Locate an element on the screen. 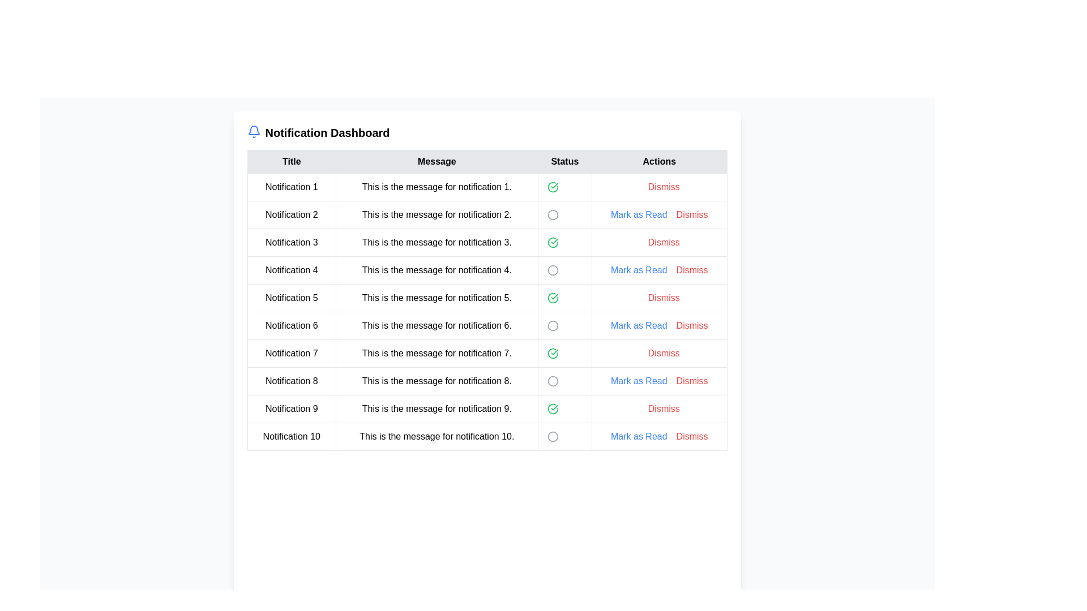 This screenshot has height=611, width=1087. circular gray icon with a hollow center located in the 'Status' column of the notification dashboard table for Notification 8 is located at coordinates (553, 381).